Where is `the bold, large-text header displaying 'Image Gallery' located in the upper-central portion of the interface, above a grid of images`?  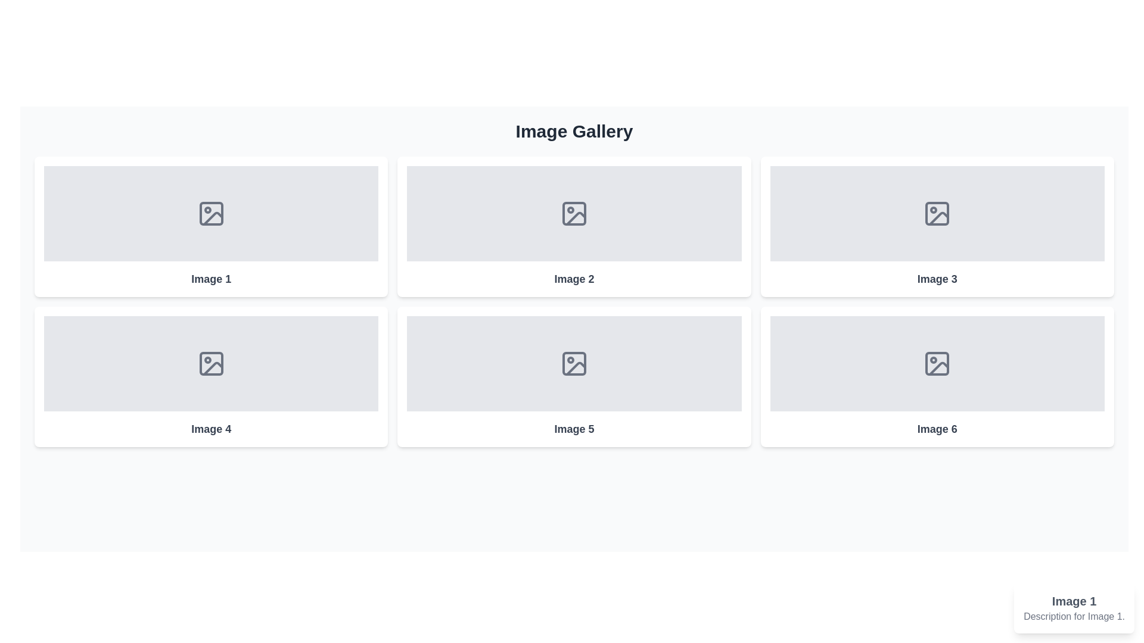
the bold, large-text header displaying 'Image Gallery' located in the upper-central portion of the interface, above a grid of images is located at coordinates (574, 131).